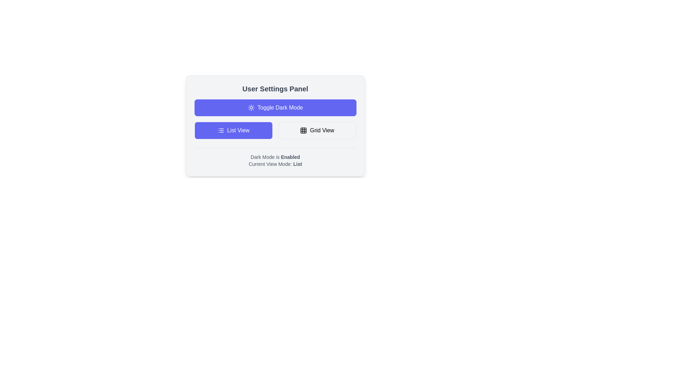  I want to click on the text label heading that serves as the title for the user settings panel, located at the top of the layout above the 'Toggle Dark Mode' button, so click(275, 89).